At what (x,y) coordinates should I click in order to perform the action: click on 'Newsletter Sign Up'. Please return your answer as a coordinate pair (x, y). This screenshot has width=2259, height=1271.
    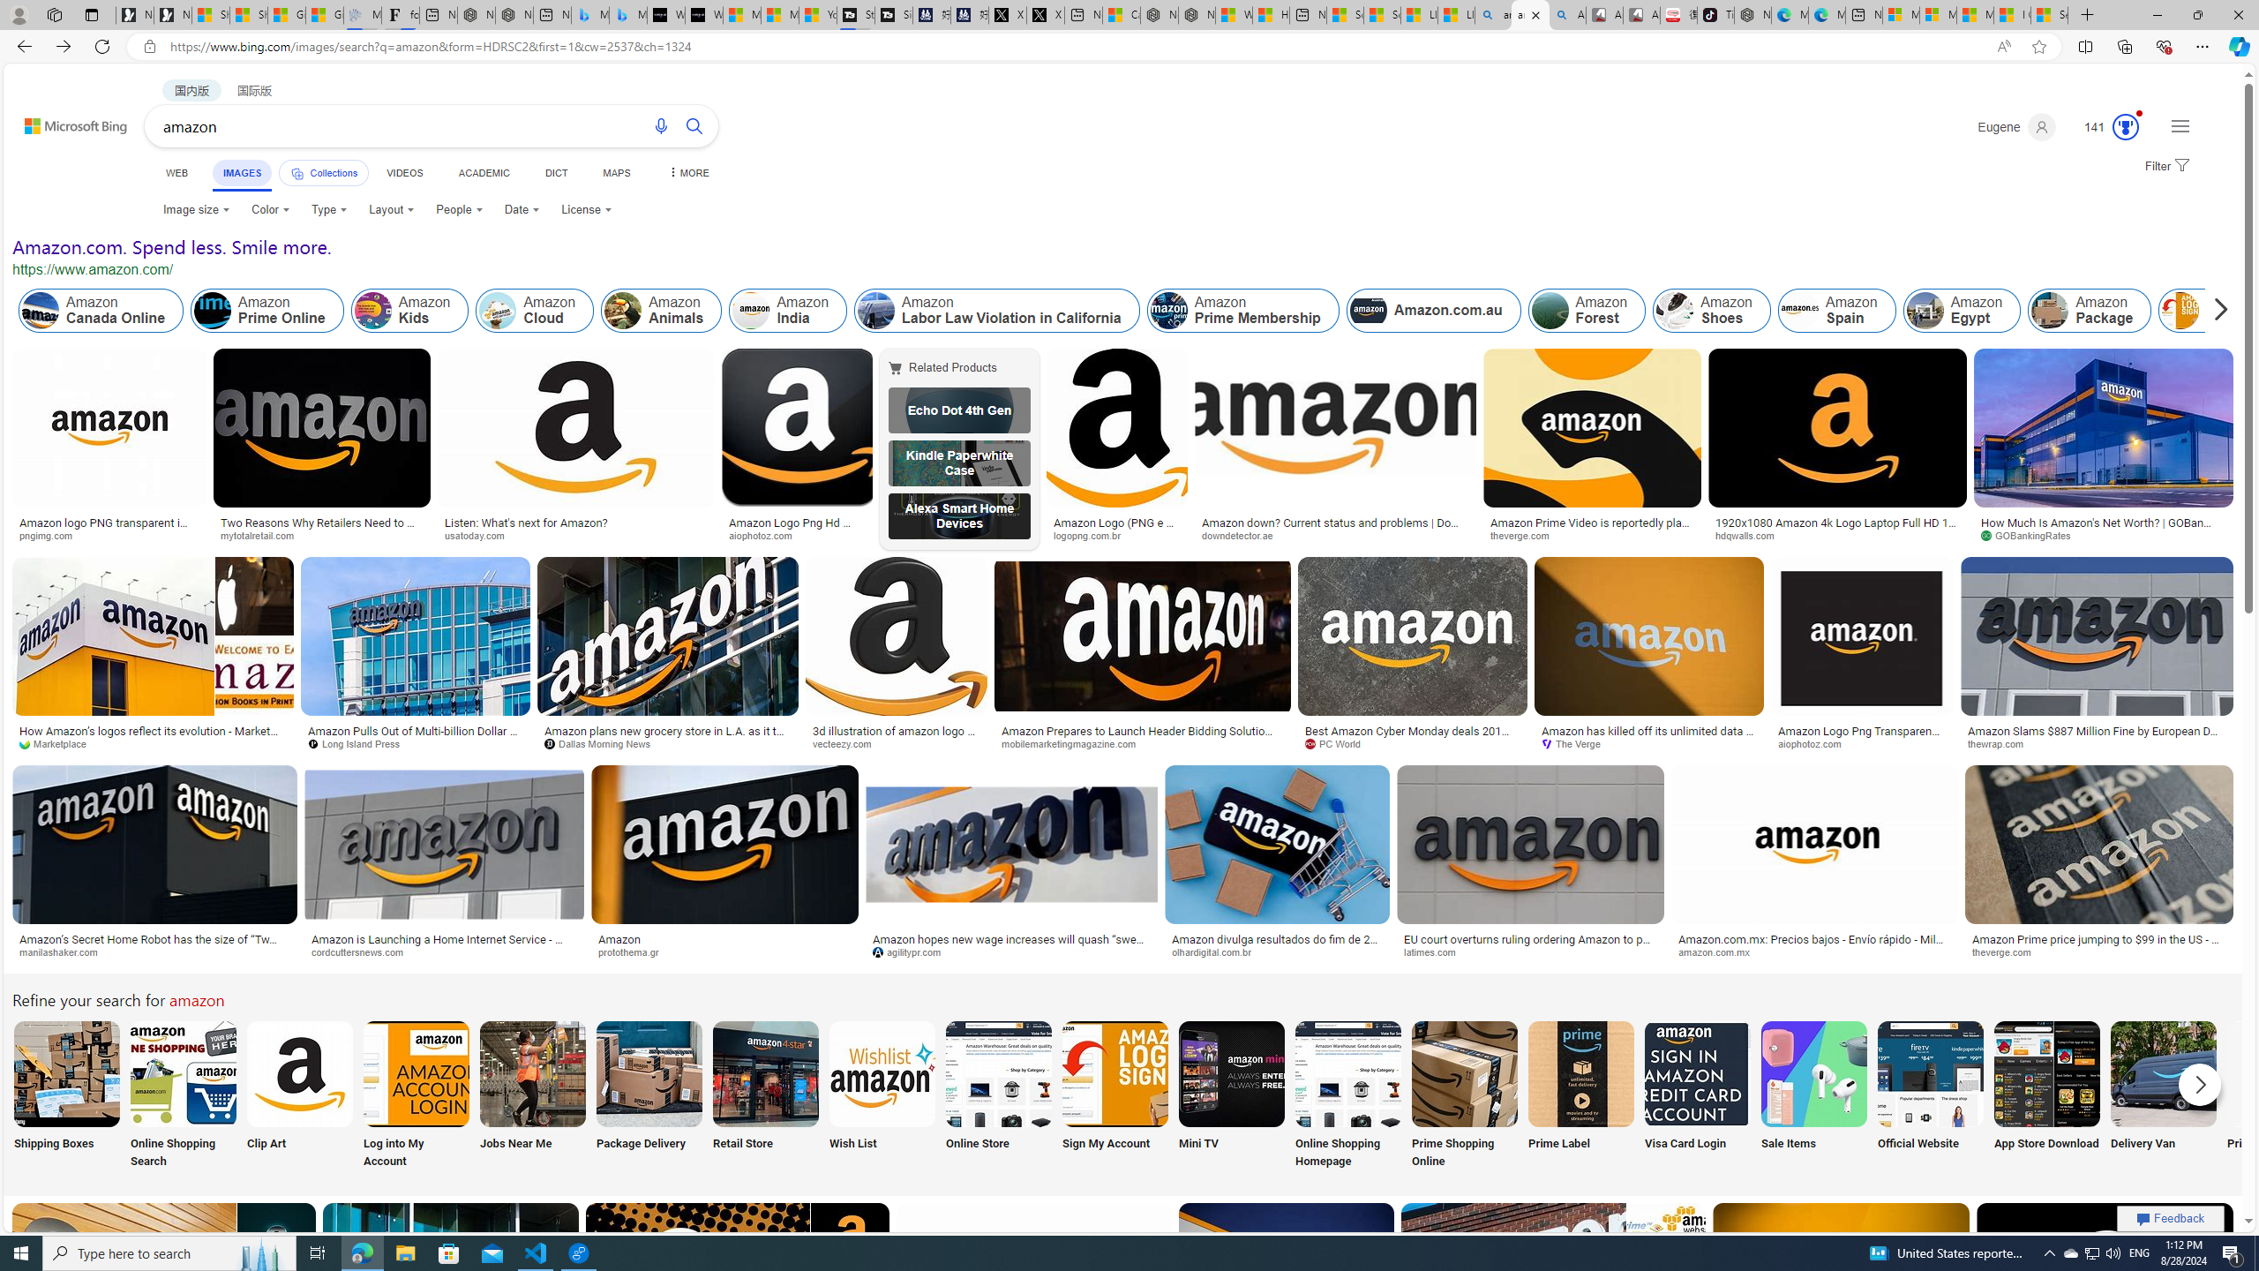
    Looking at the image, I should click on (172, 14).